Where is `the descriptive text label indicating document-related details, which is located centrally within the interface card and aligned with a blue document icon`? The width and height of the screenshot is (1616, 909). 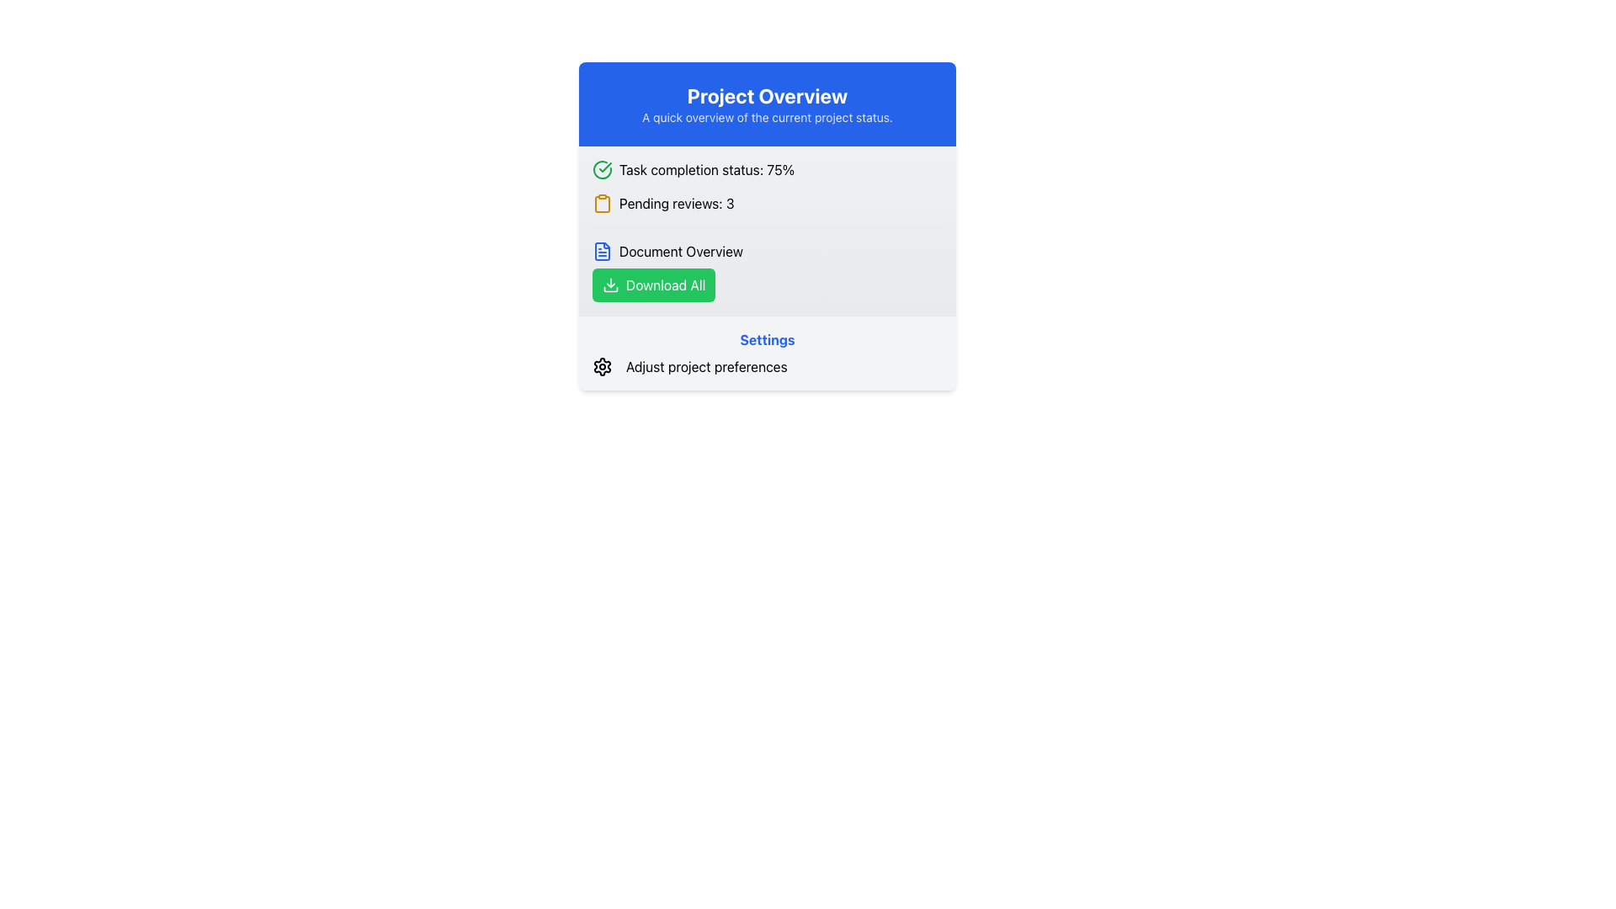
the descriptive text label indicating document-related details, which is located centrally within the interface card and aligned with a blue document icon is located at coordinates (681, 252).